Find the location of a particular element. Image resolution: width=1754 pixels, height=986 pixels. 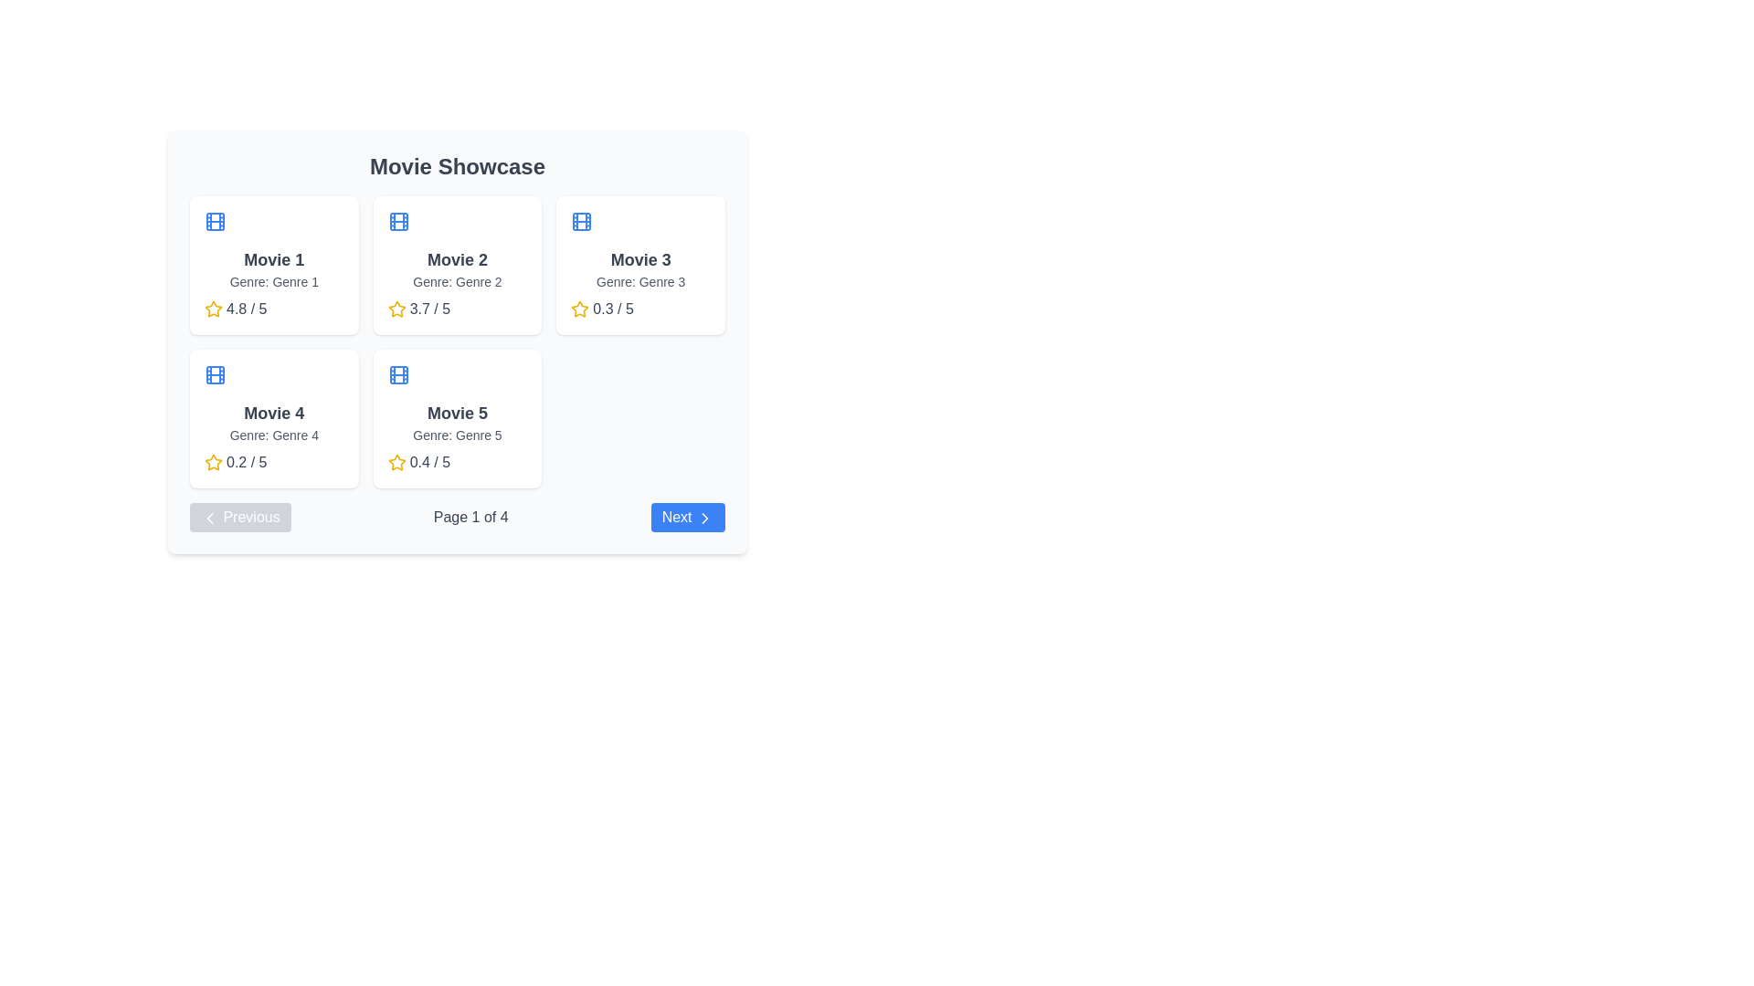

the movie category icon located at the top-left corner of the Movie 5 card in the movie grid is located at coordinates (397, 374).